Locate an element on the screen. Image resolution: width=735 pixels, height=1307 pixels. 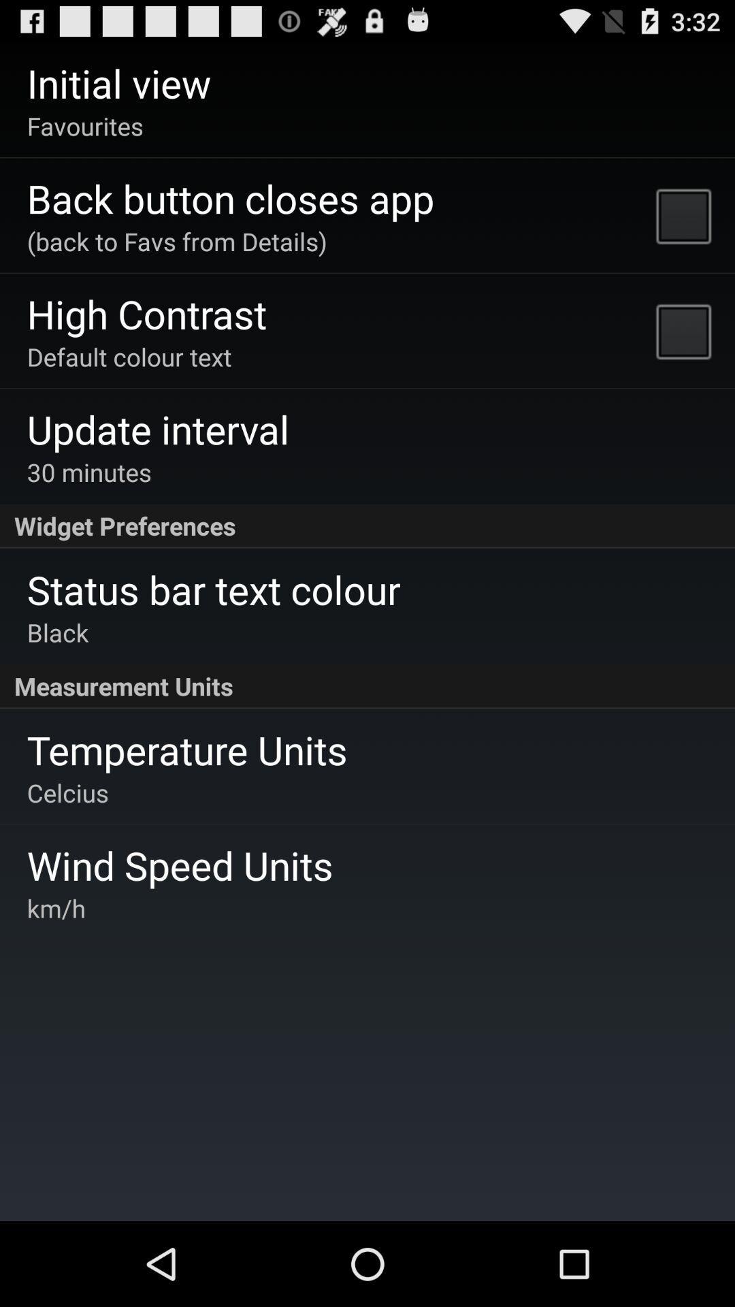
the km/h is located at coordinates (55, 908).